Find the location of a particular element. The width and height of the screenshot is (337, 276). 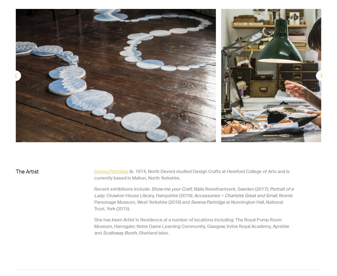

'Accessories ~ Charlotte Great and Small' is located at coordinates (194, 195).